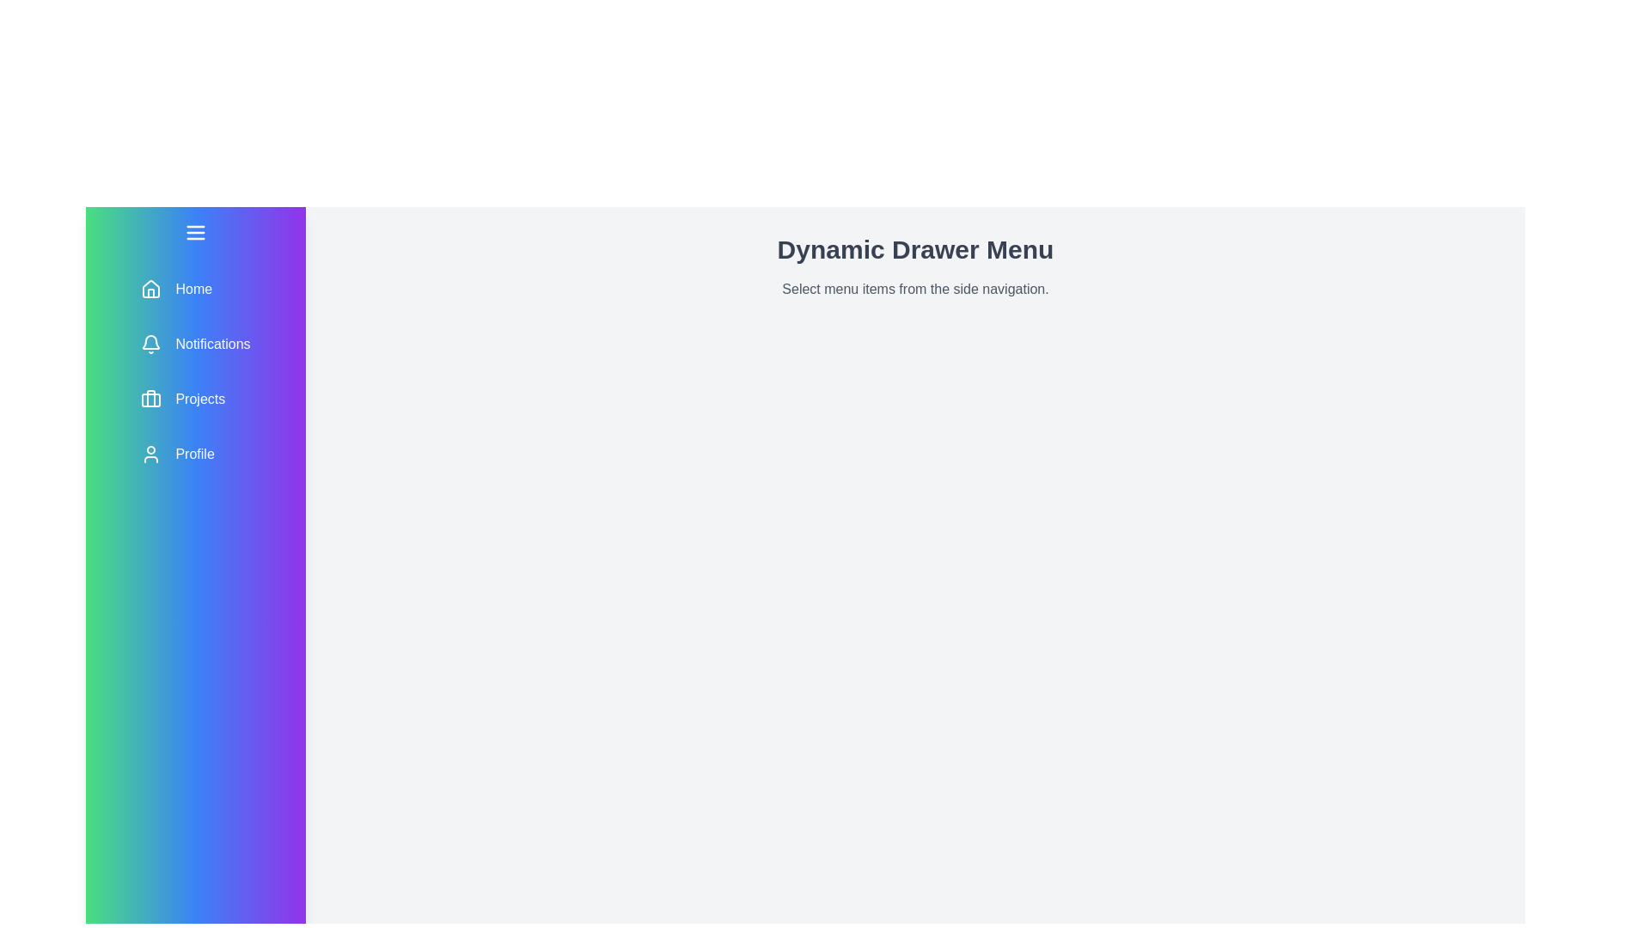 This screenshot has width=1650, height=928. Describe the element at coordinates (914, 669) in the screenshot. I see `the main content area labeled 'Dynamic Drawer Menu'` at that location.